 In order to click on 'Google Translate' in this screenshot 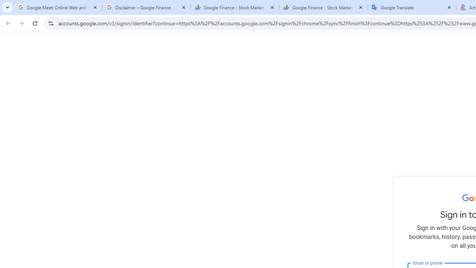, I will do `click(412, 7)`.